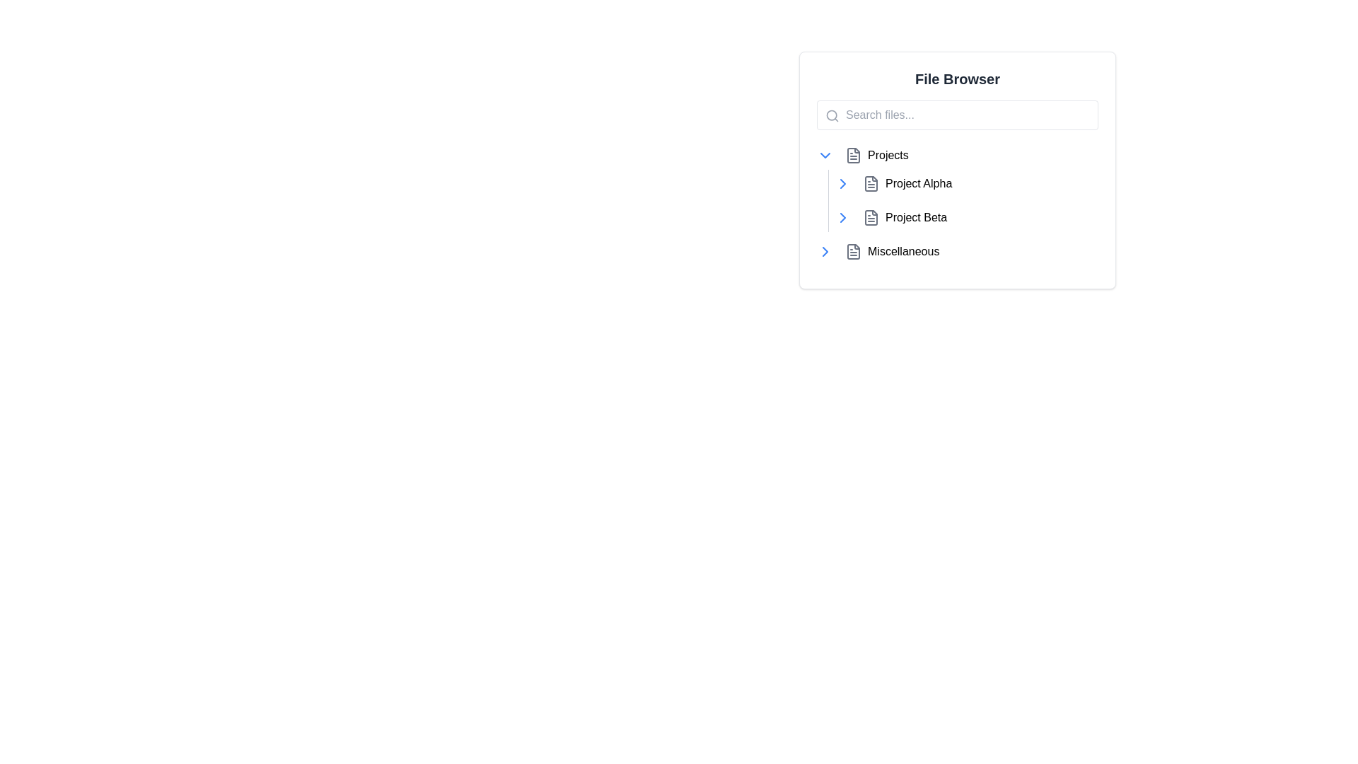 Image resolution: width=1358 pixels, height=764 pixels. What do you see at coordinates (965, 218) in the screenshot?
I see `the 'Project Beta' selectable list item in the file browser` at bounding box center [965, 218].